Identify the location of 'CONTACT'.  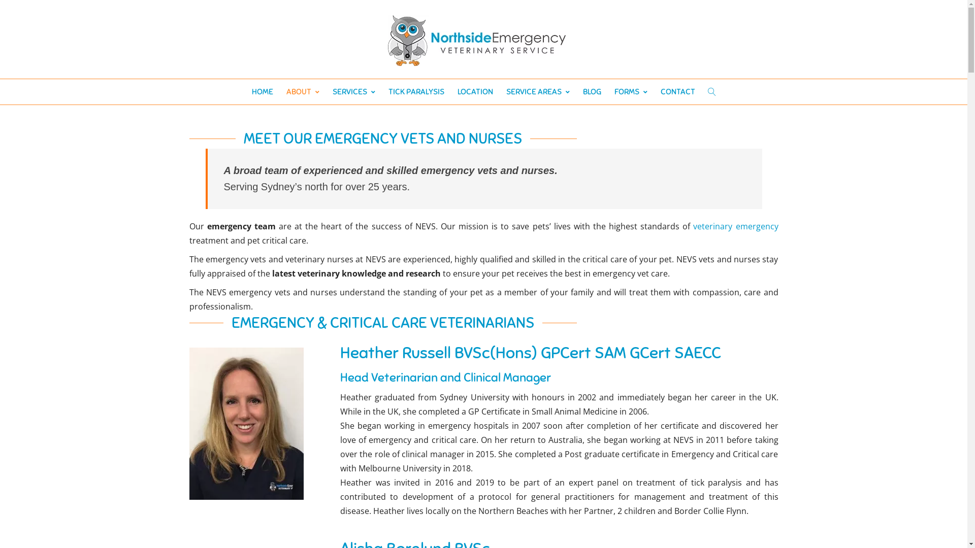
(677, 92).